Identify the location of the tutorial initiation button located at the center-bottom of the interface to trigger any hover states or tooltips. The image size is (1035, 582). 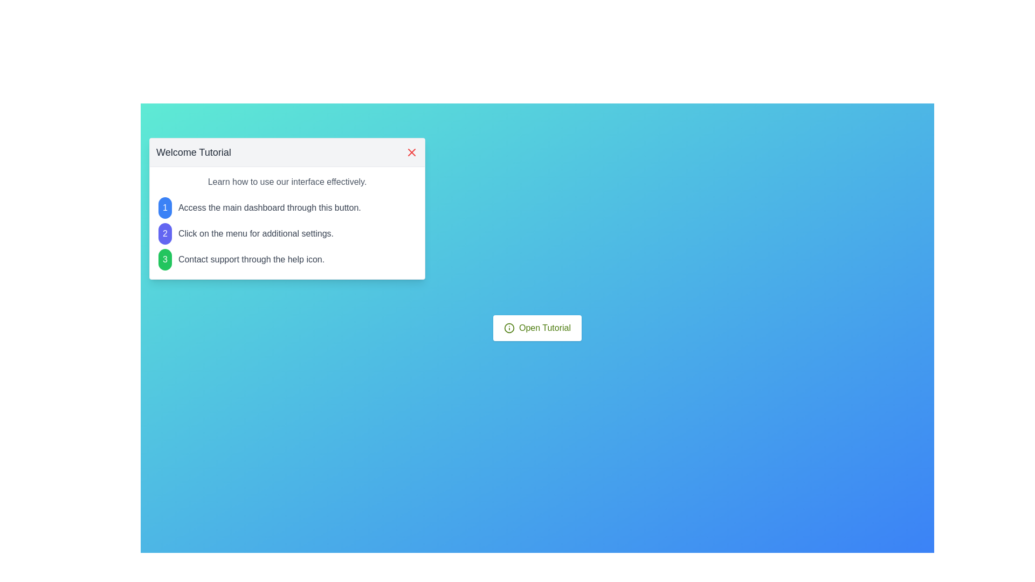
(537, 328).